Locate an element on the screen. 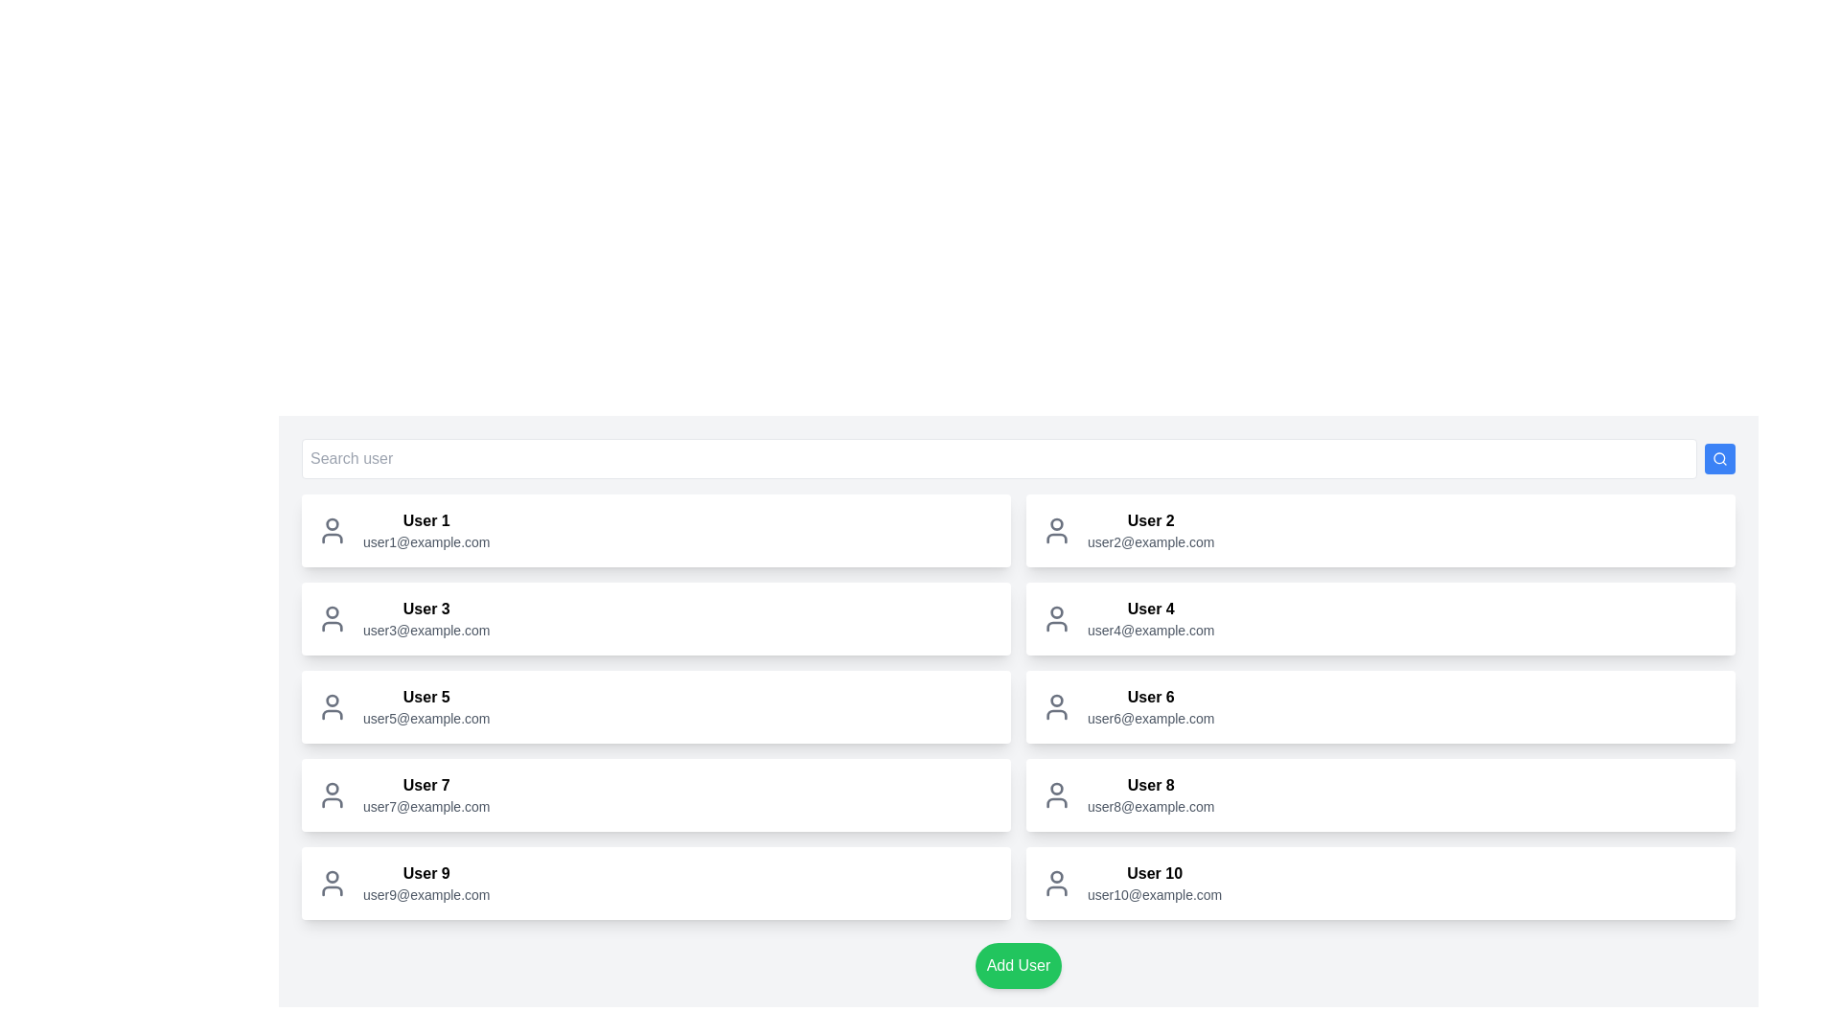  the static text displaying the email address associated with 'User 10', which is located beneath the bold 'User 10' text in the last row of a two-column grid layout is located at coordinates (1154, 894).